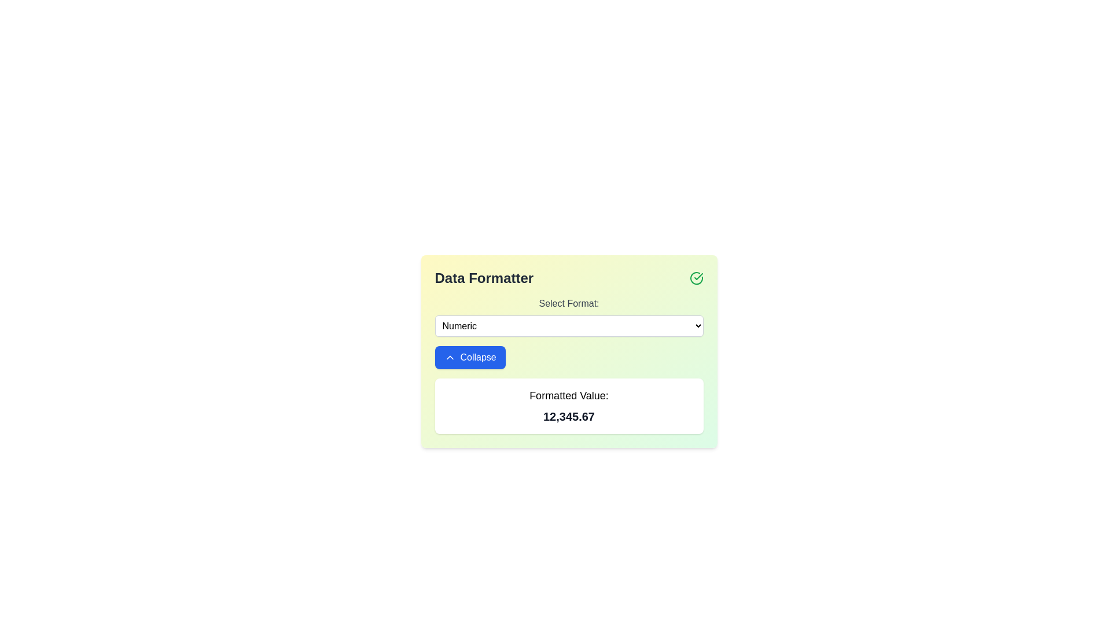 This screenshot has width=1111, height=625. Describe the element at coordinates (697, 277) in the screenshot. I see `the green checkmark icon within the circular boundary located in the top-right corner of the 'Data Formatter' panel` at that location.